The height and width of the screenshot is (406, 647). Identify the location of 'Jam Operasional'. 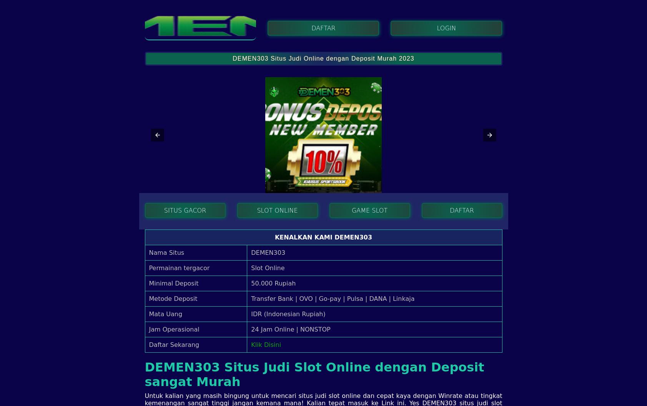
(174, 328).